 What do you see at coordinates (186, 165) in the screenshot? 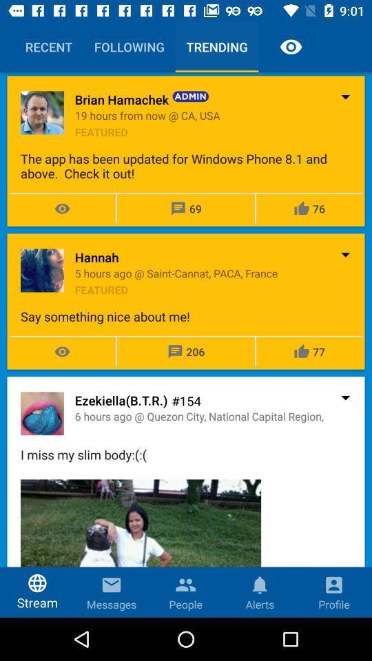
I see `the the app has` at bounding box center [186, 165].